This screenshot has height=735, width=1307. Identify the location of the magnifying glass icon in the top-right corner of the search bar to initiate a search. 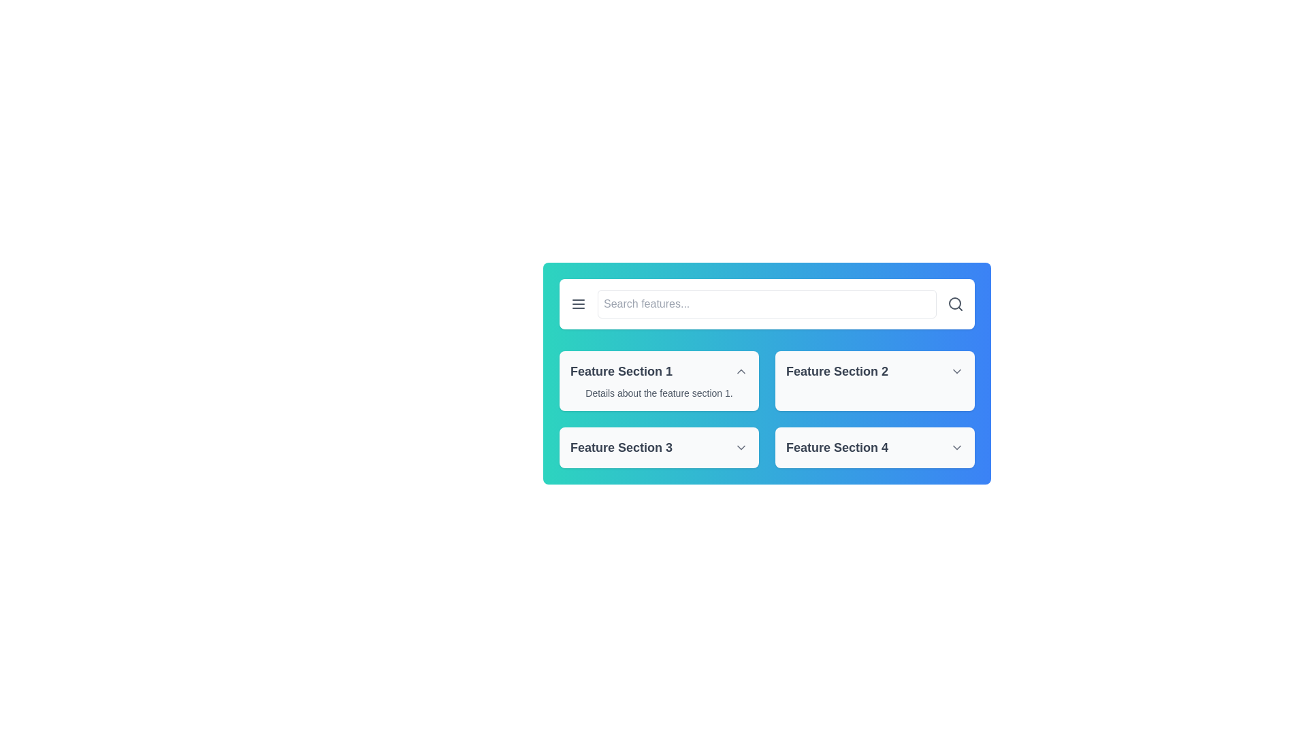
(954, 304).